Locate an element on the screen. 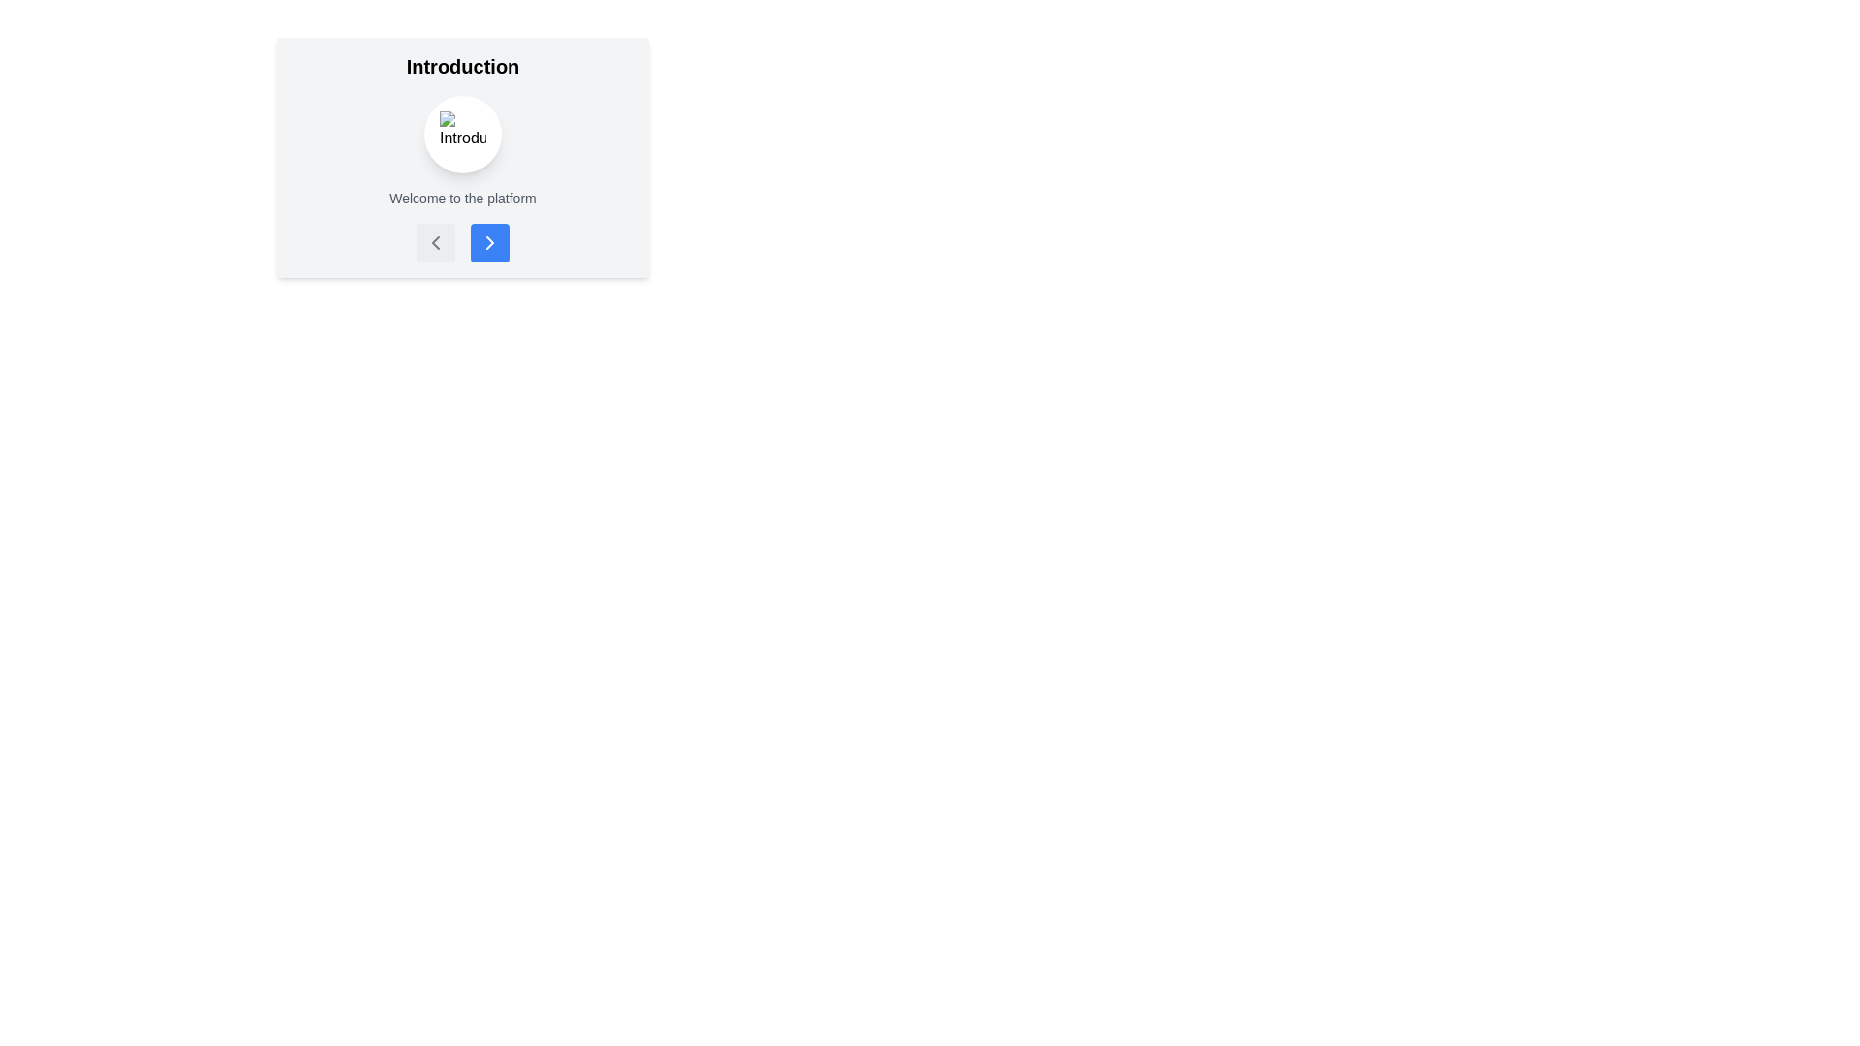  text element displaying 'Welcome to the platform', which is styled in gray and center-aligned, located beneath the heading 'Introduction' and above the navigation buttons is located at coordinates (462, 198).